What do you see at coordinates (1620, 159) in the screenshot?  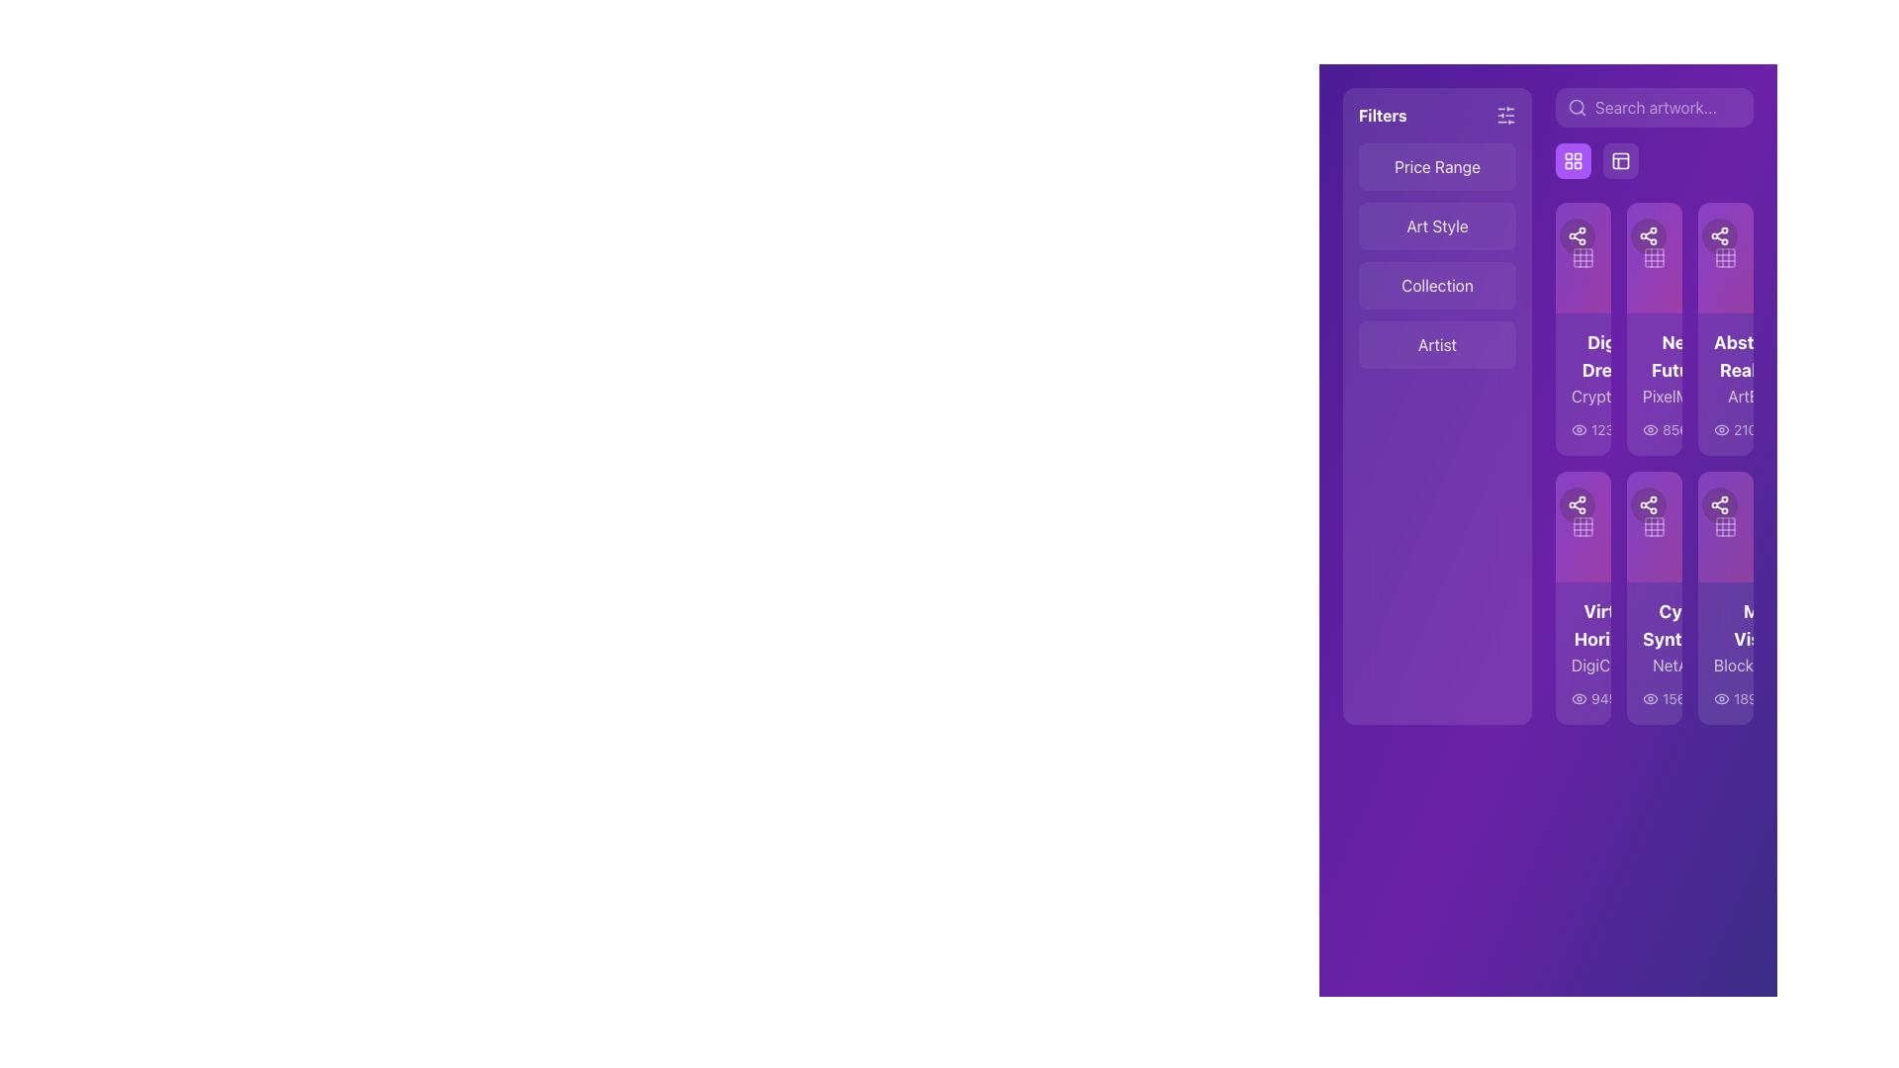 I see `the second button at the top right of the interface` at bounding box center [1620, 159].